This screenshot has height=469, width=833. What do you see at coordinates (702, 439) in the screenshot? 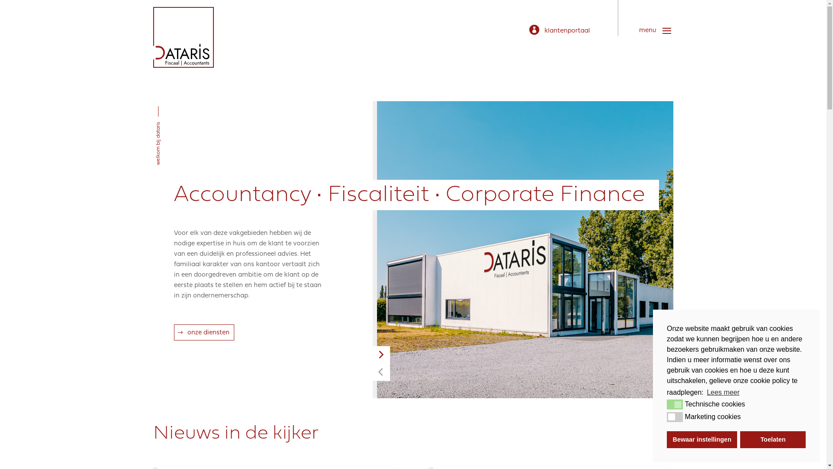
I see `'Bewaar instellingen'` at bounding box center [702, 439].